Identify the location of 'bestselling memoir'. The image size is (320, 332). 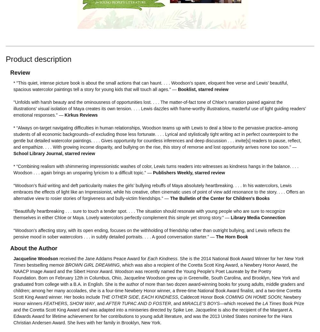
(46, 265).